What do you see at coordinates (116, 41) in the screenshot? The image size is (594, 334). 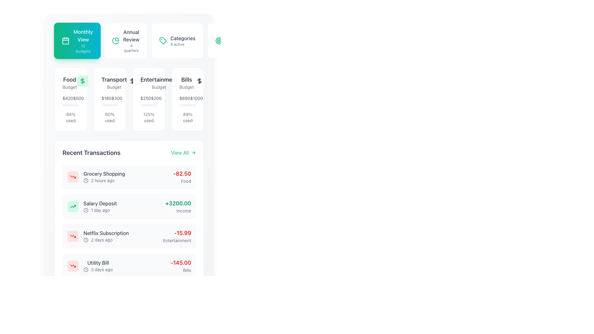 I see `the small, circular green pie chart icon located within the 'Annual Review' card` at bounding box center [116, 41].